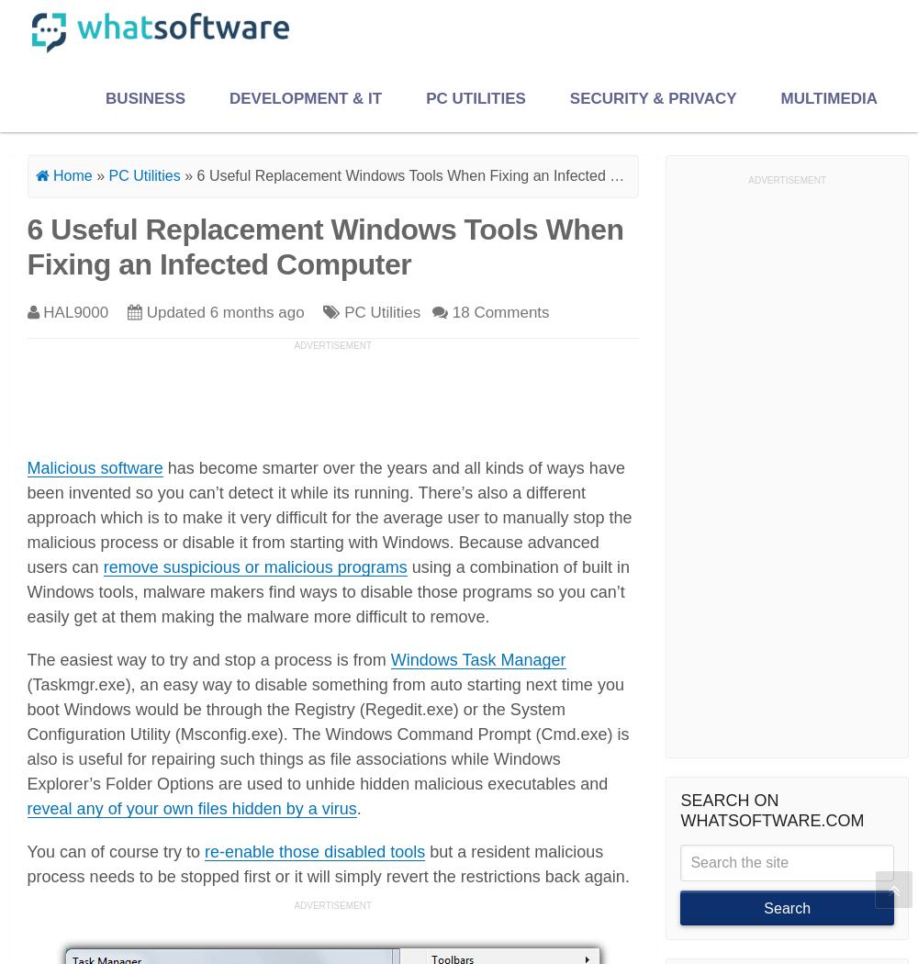 This screenshot has height=964, width=918. What do you see at coordinates (27, 851) in the screenshot?
I see `'You can of course try to'` at bounding box center [27, 851].